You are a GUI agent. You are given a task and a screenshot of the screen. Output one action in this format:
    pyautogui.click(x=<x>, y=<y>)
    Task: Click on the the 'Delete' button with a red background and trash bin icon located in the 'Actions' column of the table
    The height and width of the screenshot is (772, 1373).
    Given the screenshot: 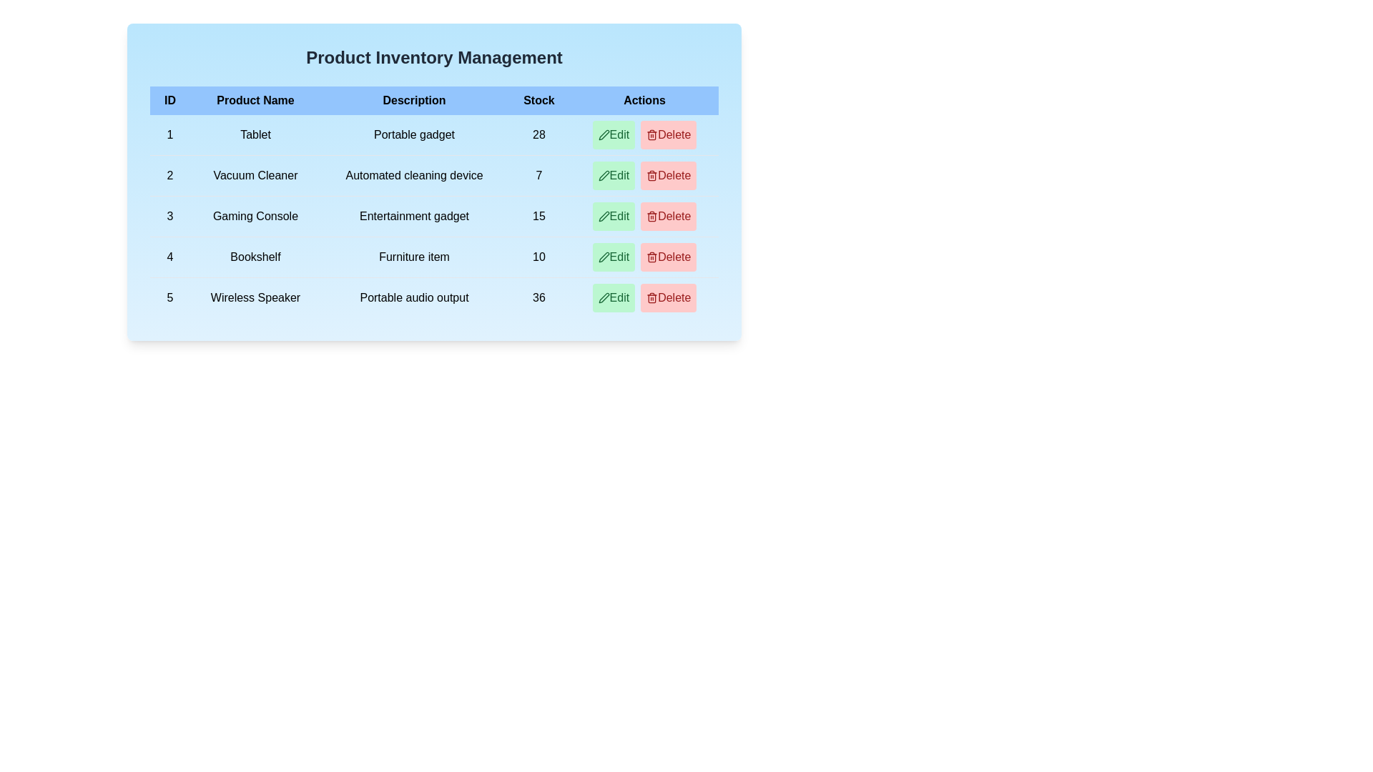 What is the action you would take?
    pyautogui.click(x=668, y=135)
    